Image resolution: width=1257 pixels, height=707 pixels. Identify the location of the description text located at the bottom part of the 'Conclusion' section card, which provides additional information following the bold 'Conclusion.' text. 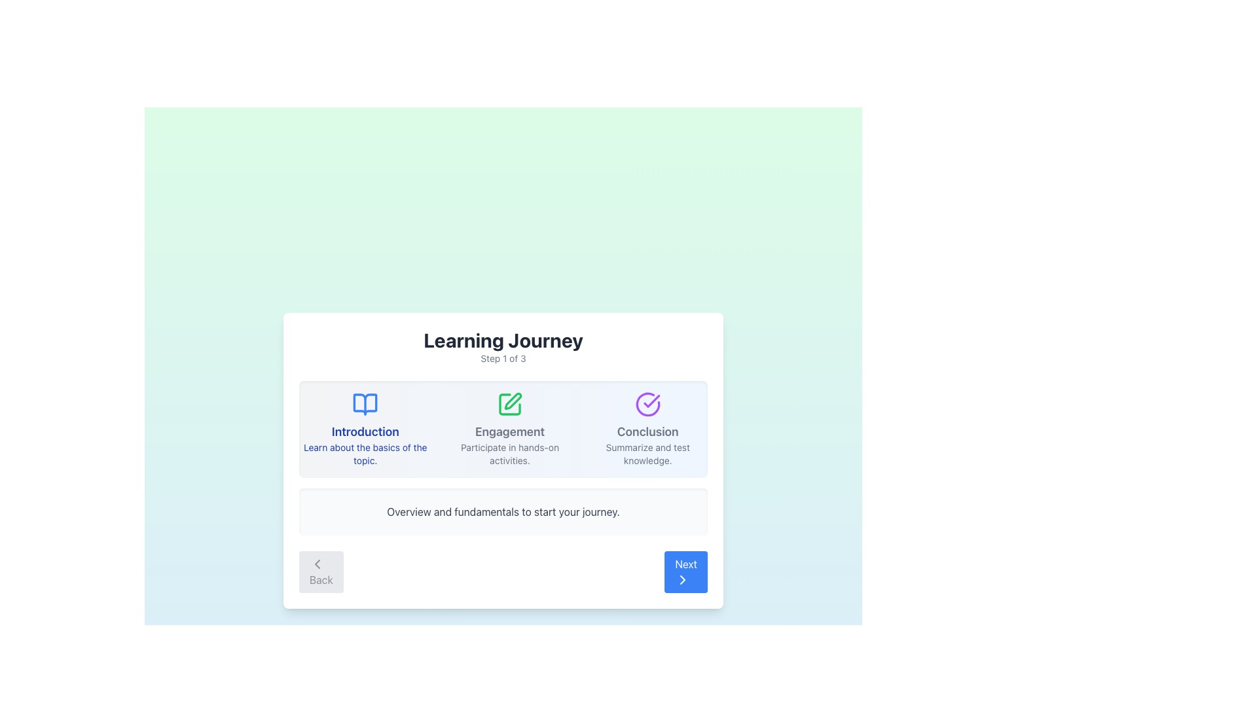
(647, 454).